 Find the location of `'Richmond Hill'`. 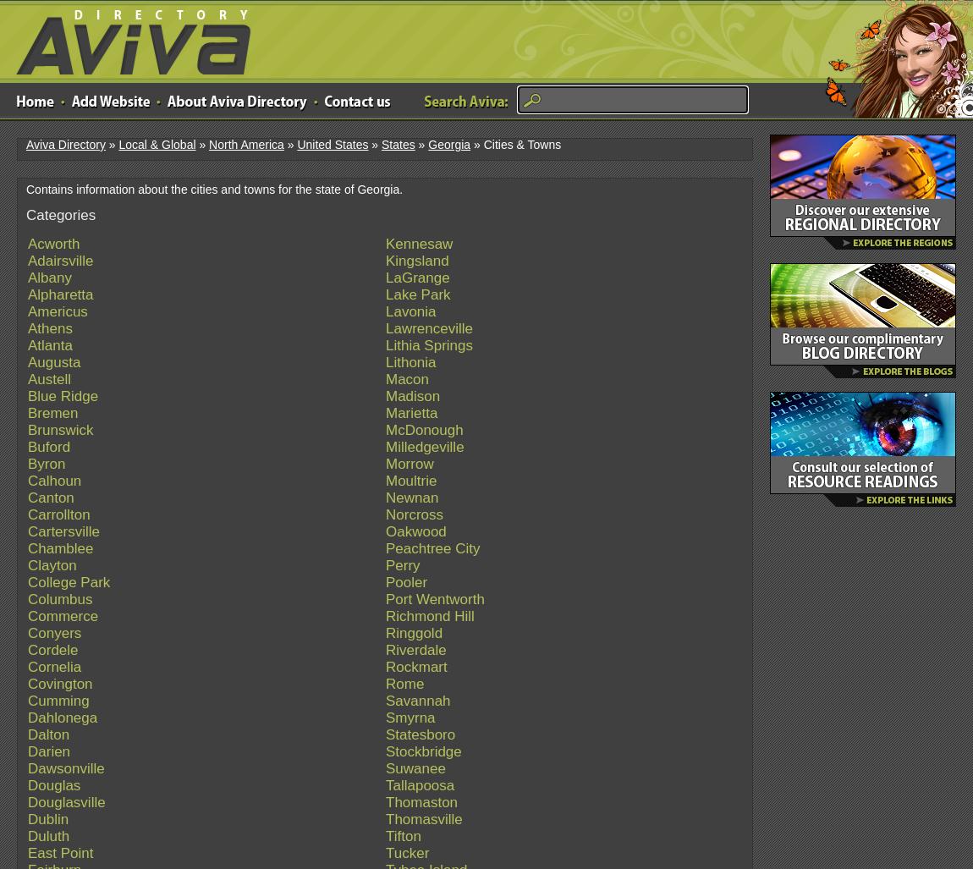

'Richmond Hill' is located at coordinates (429, 616).